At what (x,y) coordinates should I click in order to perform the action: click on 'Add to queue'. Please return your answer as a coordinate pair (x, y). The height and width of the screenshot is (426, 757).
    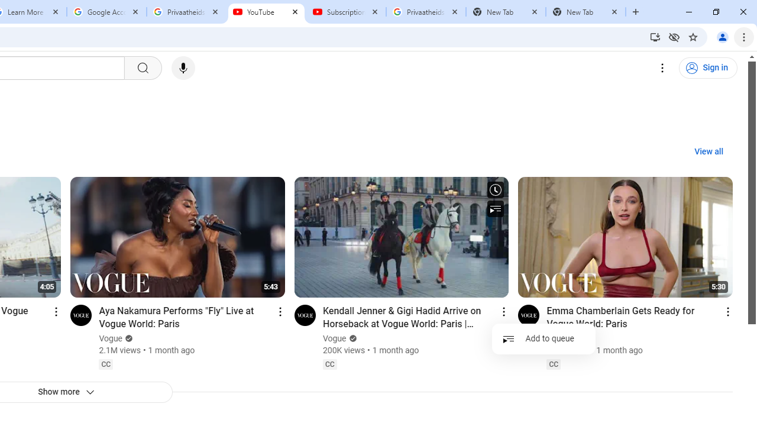
    Looking at the image, I should click on (543, 338).